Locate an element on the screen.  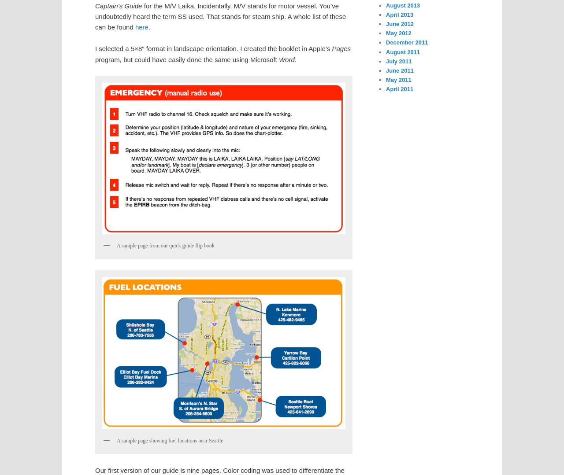
'for the M/V Laika. Incidentally, M/V stands for motor vessel. You’ve undoubtedly heard the term SS used. That stands for steam ship. A whole list of these can be found' is located at coordinates (220, 16).